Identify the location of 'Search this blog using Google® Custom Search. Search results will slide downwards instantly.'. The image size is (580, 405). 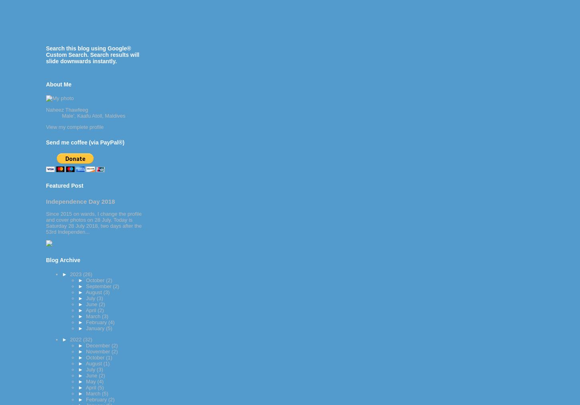
(92, 54).